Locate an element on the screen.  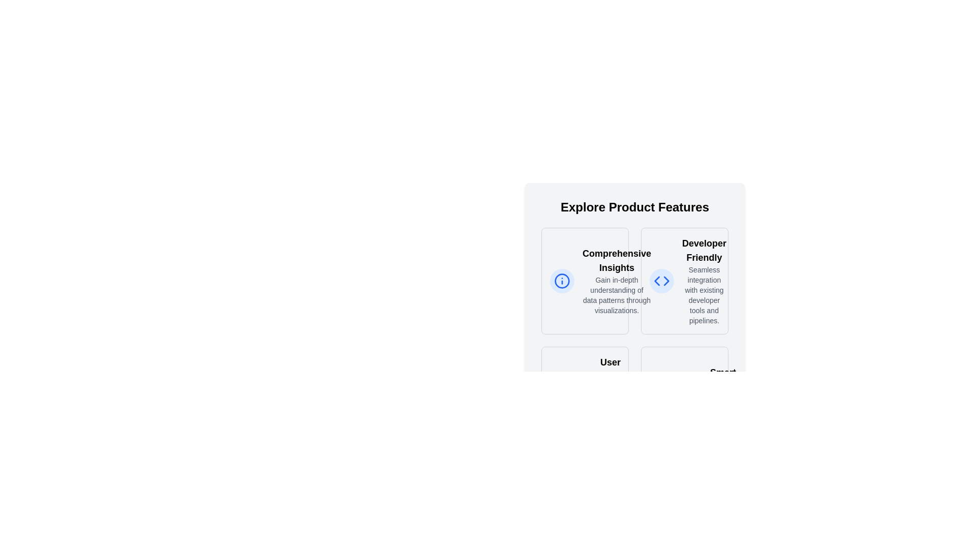
the Decorative circle, which is the background of the 'i' symbol in the 'Comprehensive Insights' section of the 'Explore Product Features' grid is located at coordinates (561, 281).